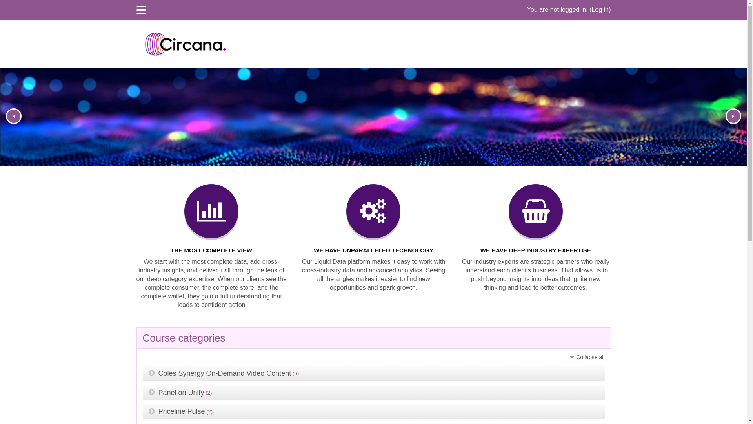 This screenshot has width=753, height=424. What do you see at coordinates (600, 9) in the screenshot?
I see `'Log in'` at bounding box center [600, 9].